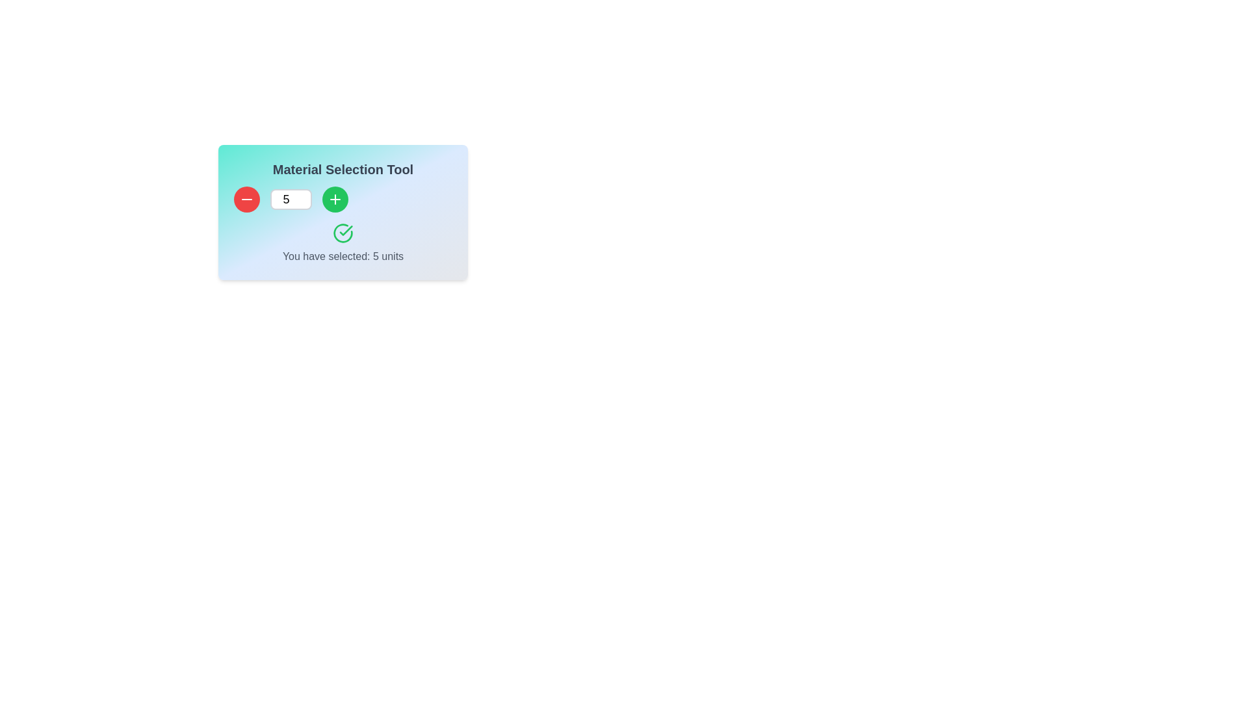 Image resolution: width=1248 pixels, height=702 pixels. I want to click on the green circular button with a white plus symbol (+) to increment the value in the material selection tool UI, so click(335, 200).